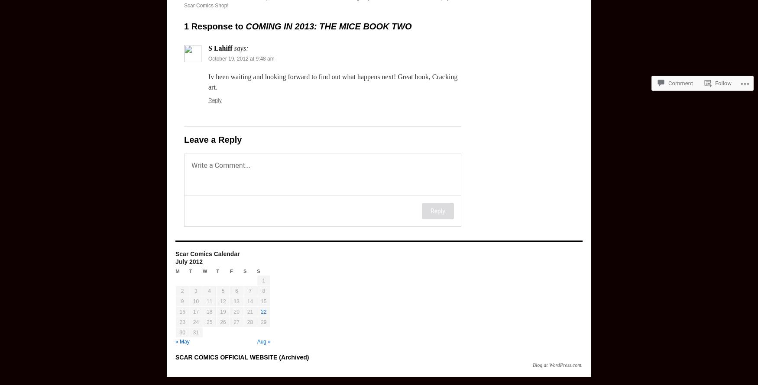 The height and width of the screenshot is (385, 758). What do you see at coordinates (241, 58) in the screenshot?
I see `'October 19, 2012 at 9:48 am'` at bounding box center [241, 58].